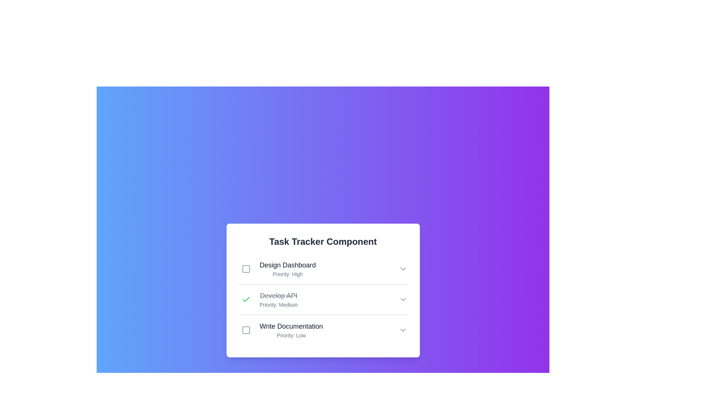  Describe the element at coordinates (403, 269) in the screenshot. I see `the chevron-down icon of the task Design Dashboard to observe its hover effect` at that location.